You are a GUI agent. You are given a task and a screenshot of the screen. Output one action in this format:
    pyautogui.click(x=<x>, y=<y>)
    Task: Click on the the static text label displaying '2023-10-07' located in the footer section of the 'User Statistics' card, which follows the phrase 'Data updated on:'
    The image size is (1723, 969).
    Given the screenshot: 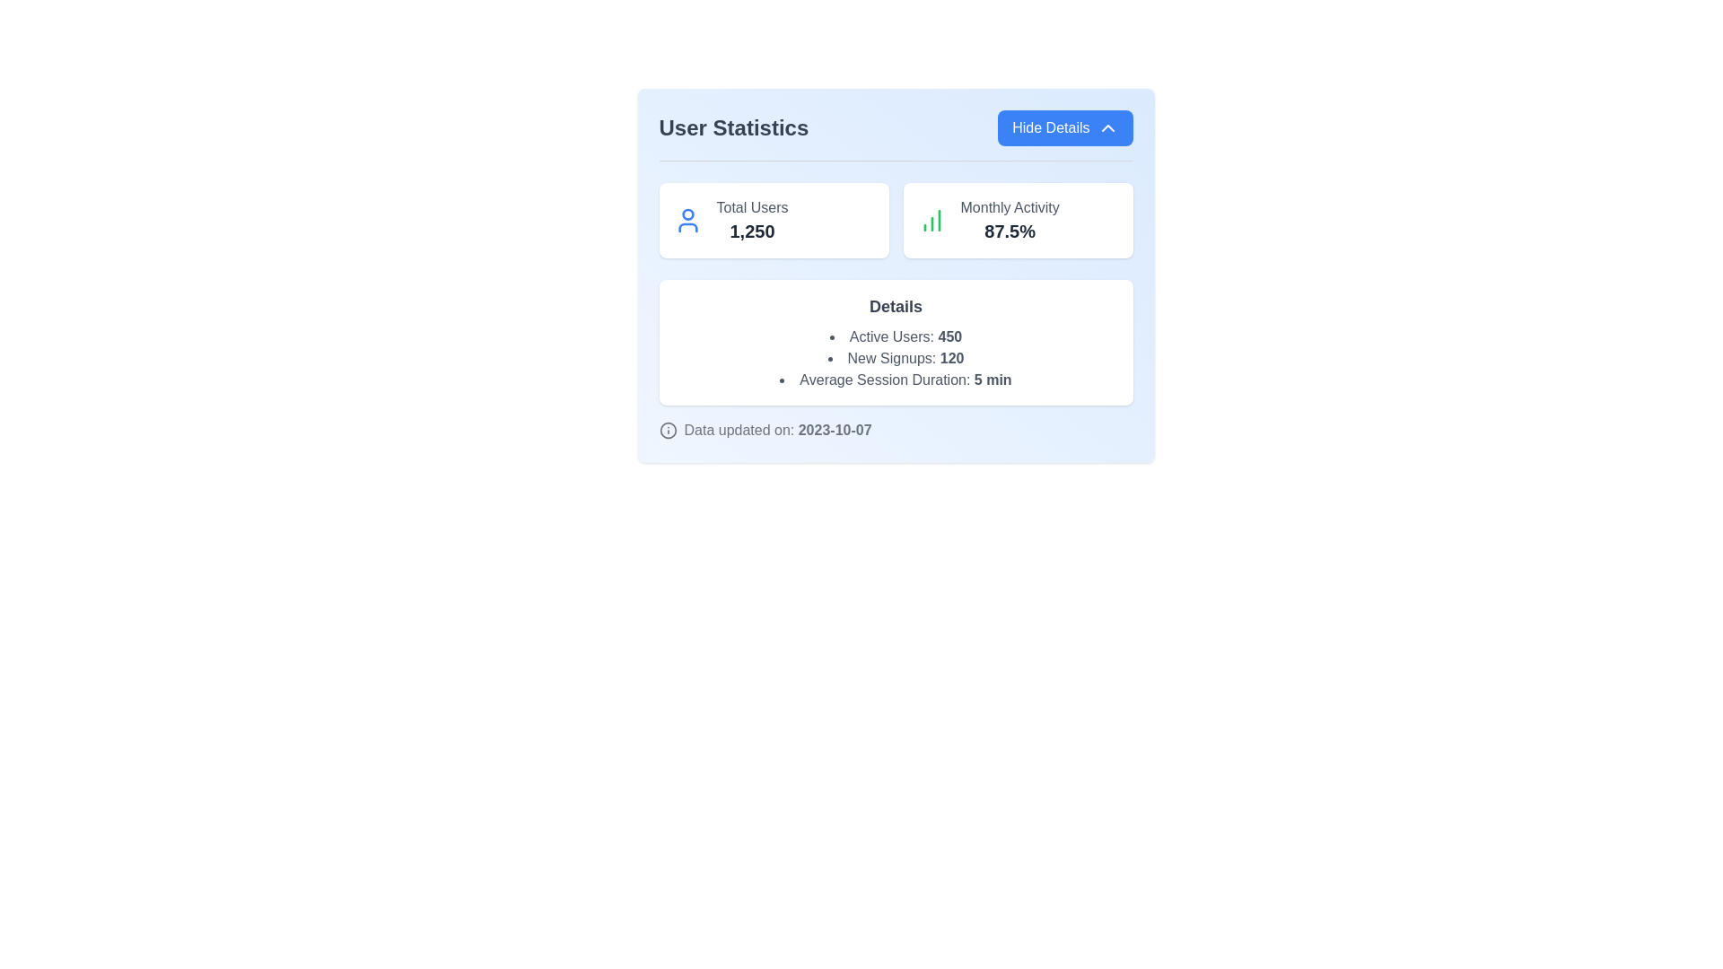 What is the action you would take?
    pyautogui.click(x=834, y=430)
    